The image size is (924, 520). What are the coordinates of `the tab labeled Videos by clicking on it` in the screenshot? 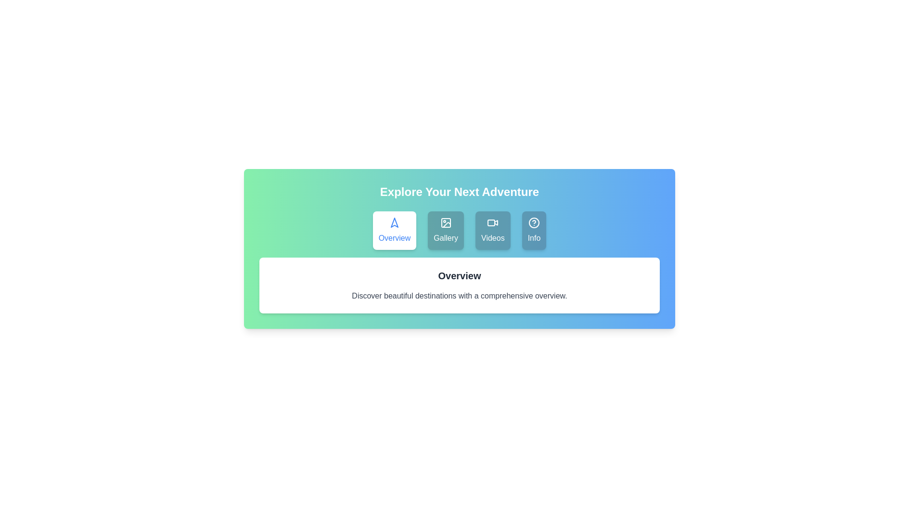 It's located at (493, 230).